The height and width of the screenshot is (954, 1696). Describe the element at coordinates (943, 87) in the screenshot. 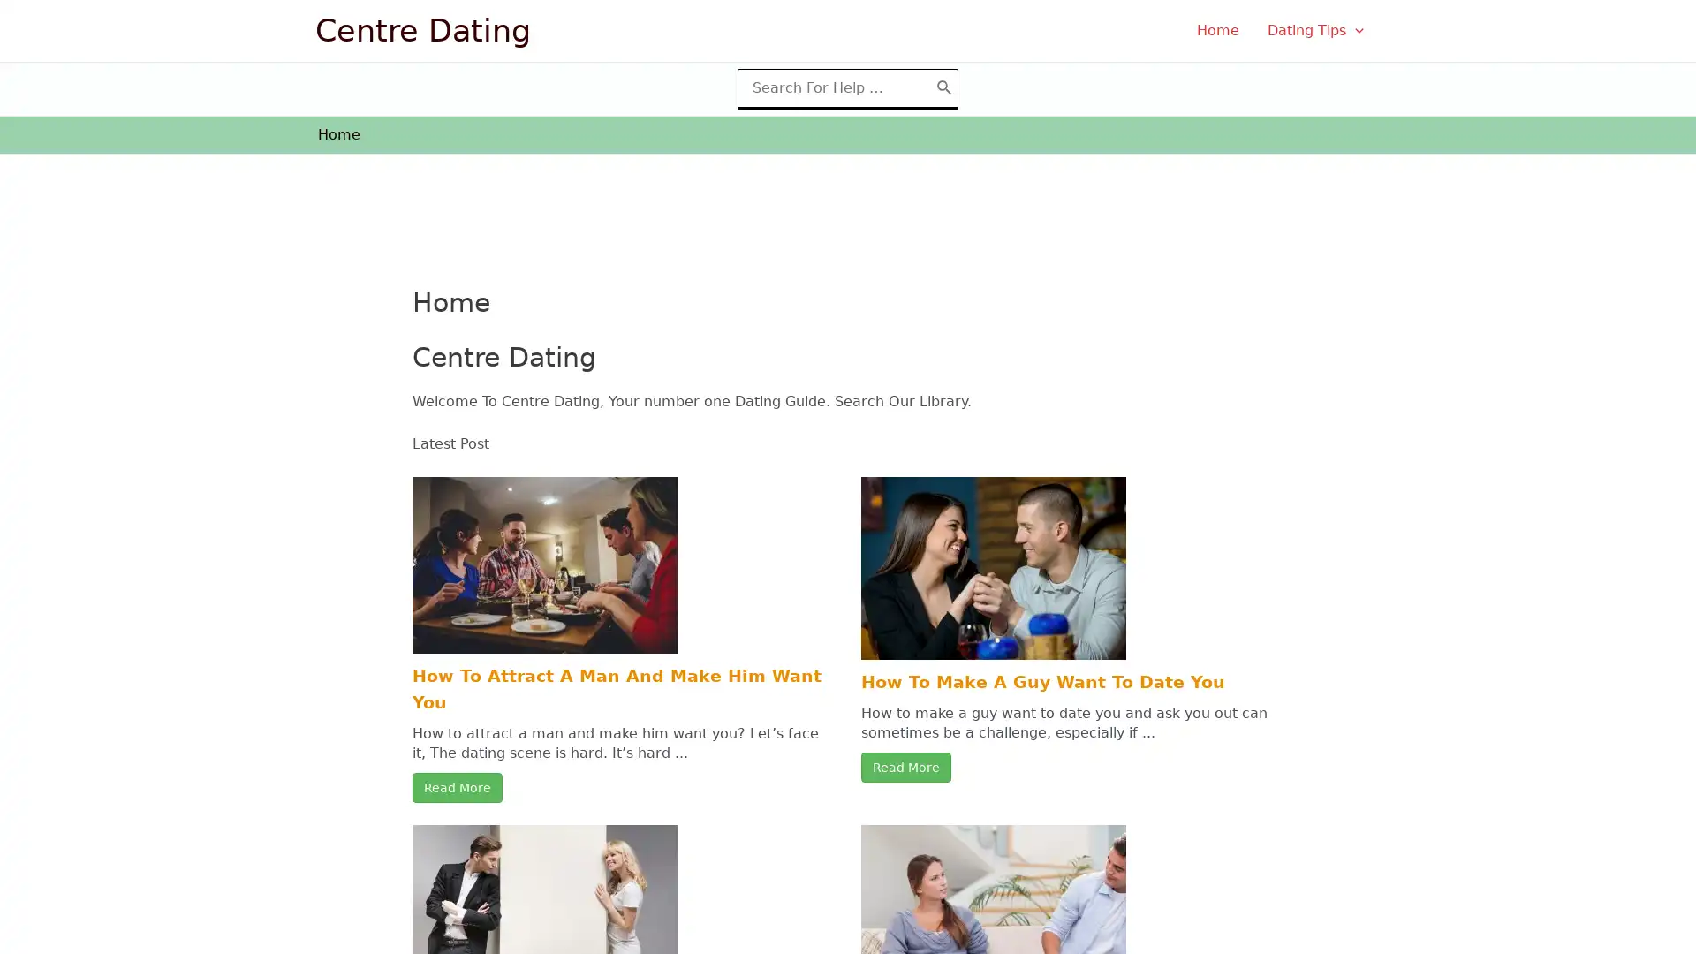

I see `Search` at that location.